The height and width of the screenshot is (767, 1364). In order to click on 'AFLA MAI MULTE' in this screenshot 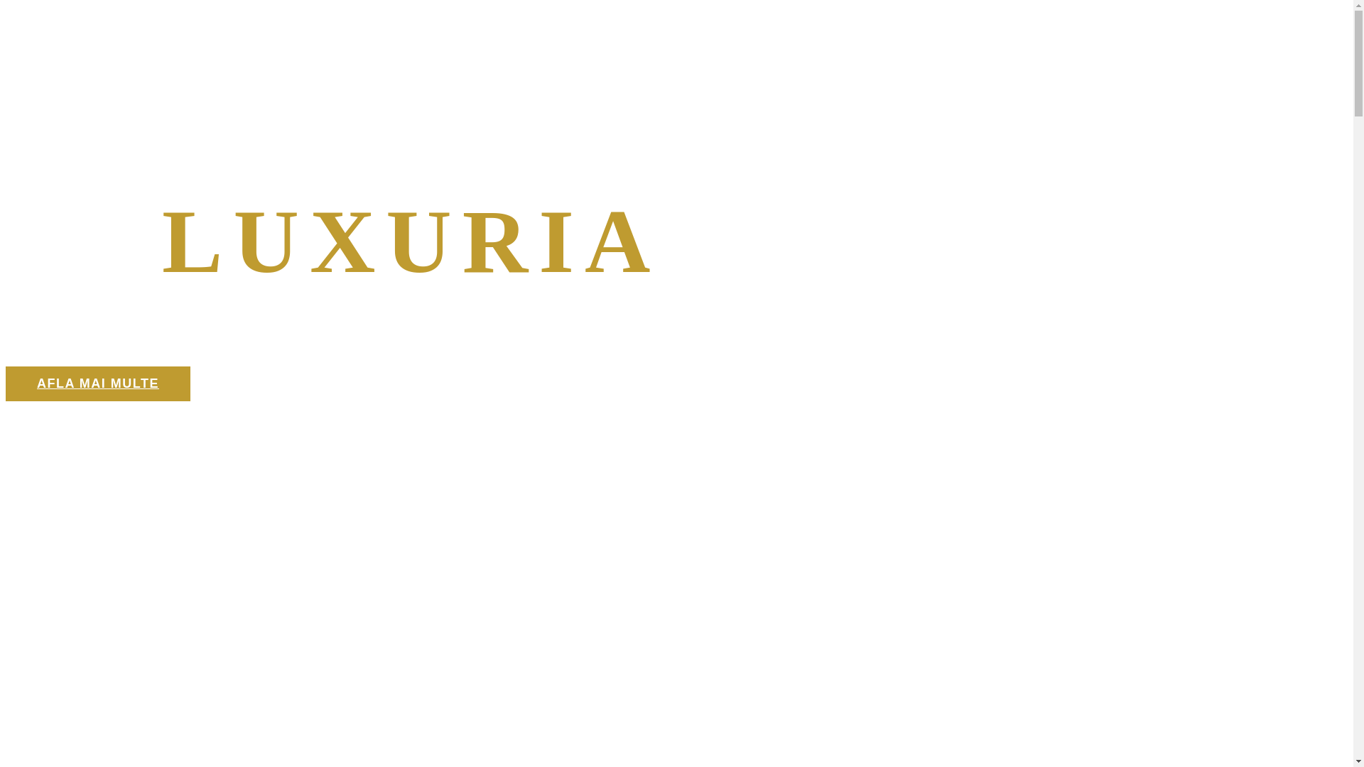, I will do `click(97, 383)`.